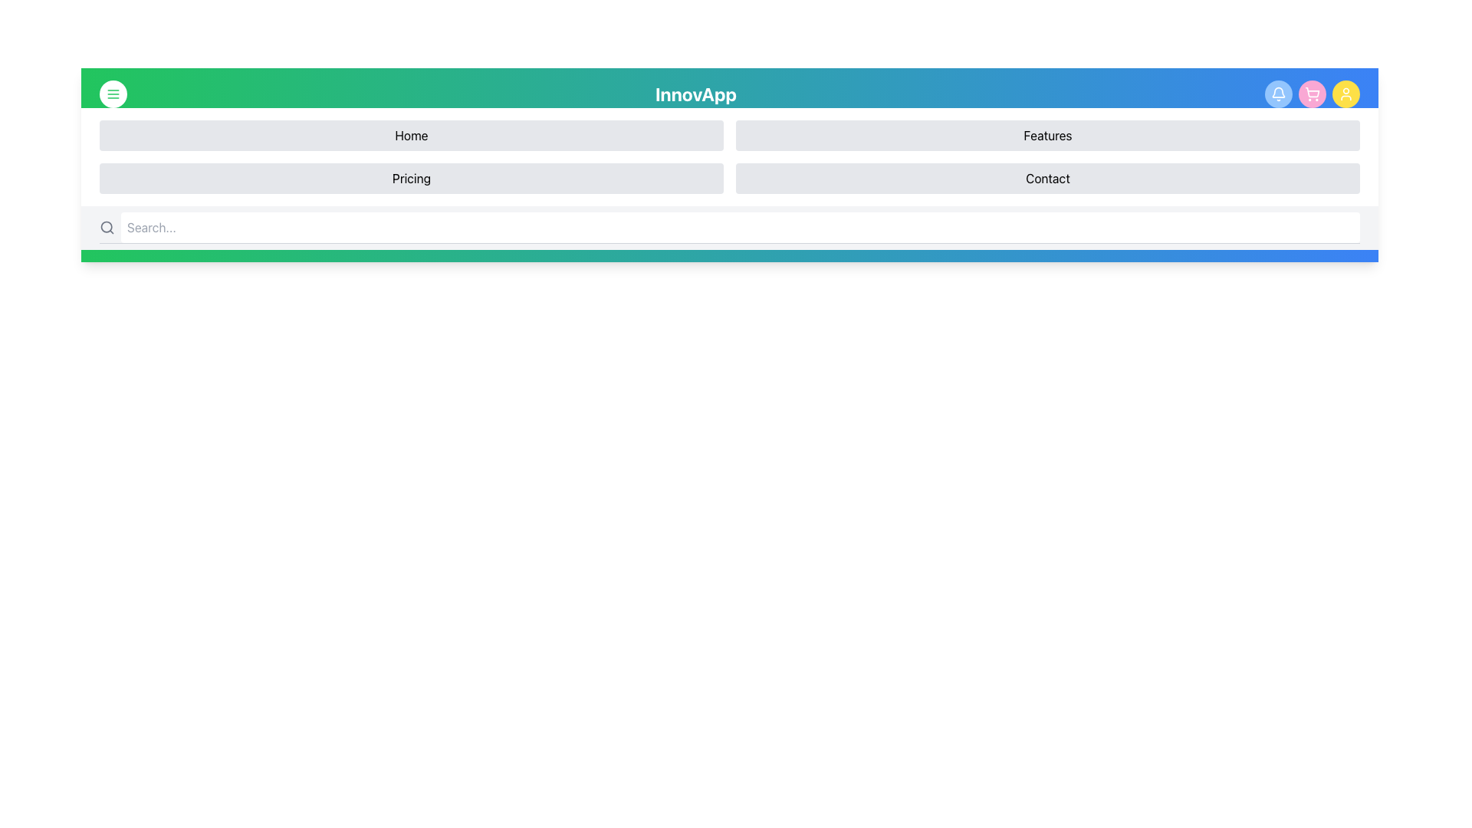  I want to click on the large, bold text label 'InnovApp' which is styled with a modern sans-serif font and has a white color, centered in the navigation bar with a gradient background, so click(695, 94).